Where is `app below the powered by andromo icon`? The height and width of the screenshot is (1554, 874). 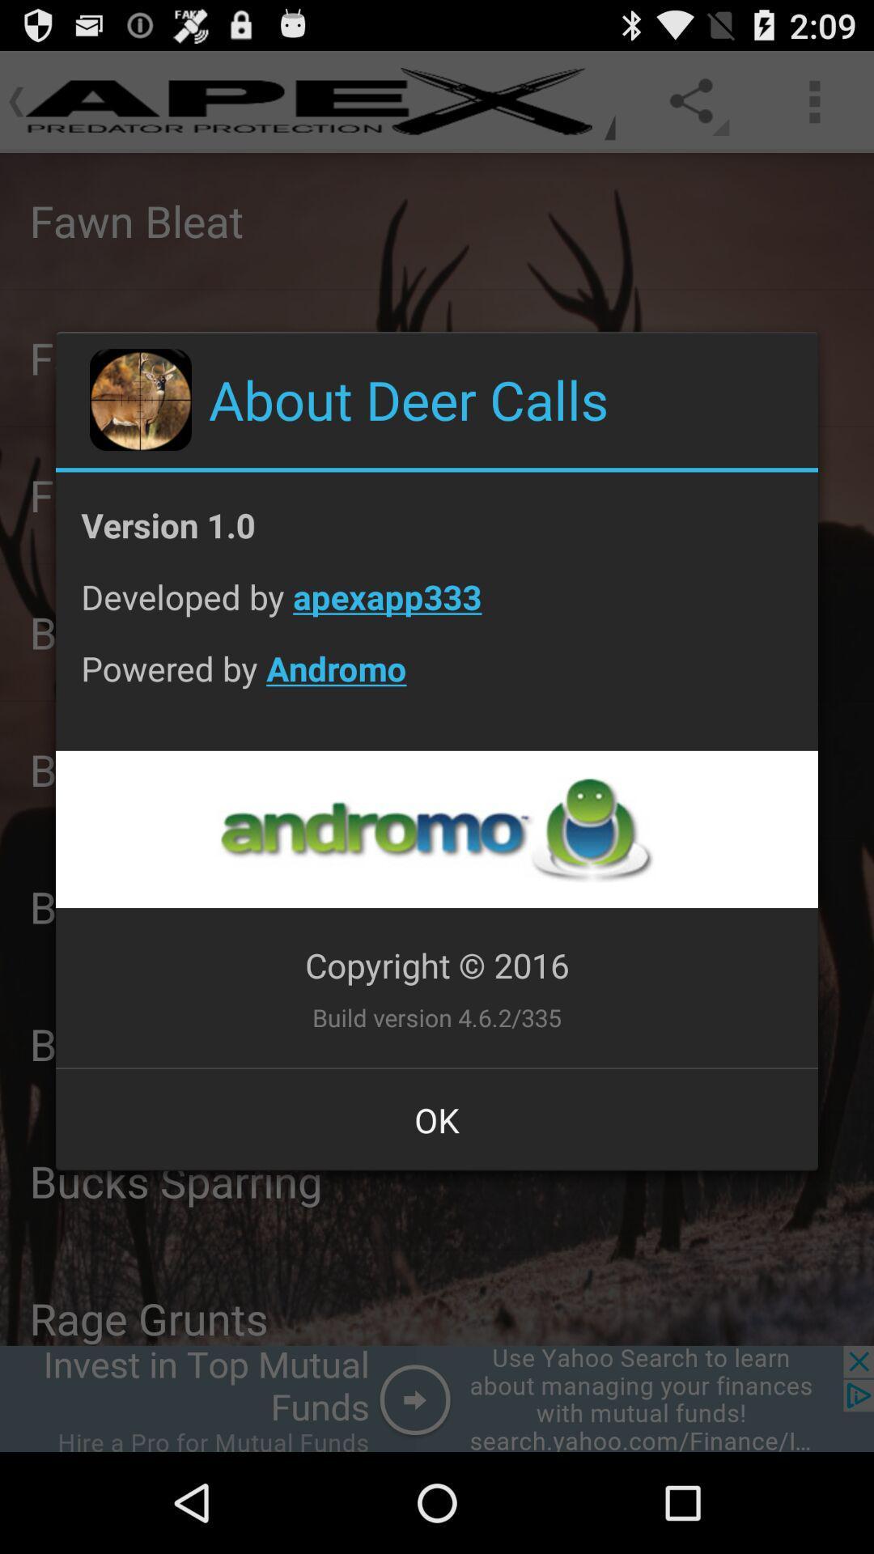
app below the powered by andromo icon is located at coordinates (435, 829).